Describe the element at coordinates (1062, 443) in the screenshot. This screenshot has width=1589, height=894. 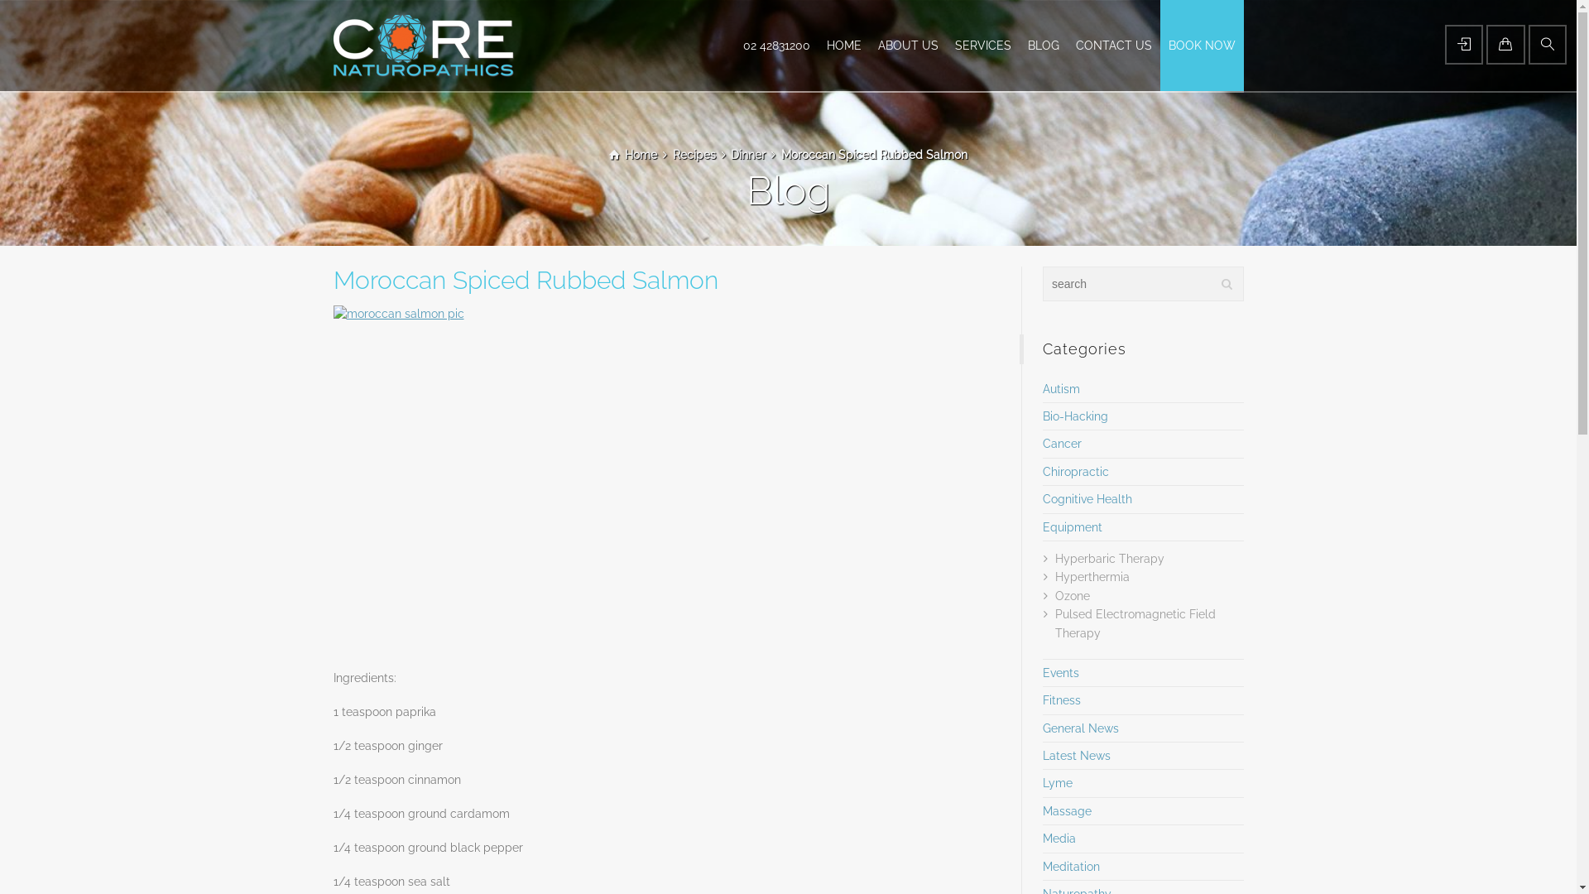
I see `'Cancer'` at that location.